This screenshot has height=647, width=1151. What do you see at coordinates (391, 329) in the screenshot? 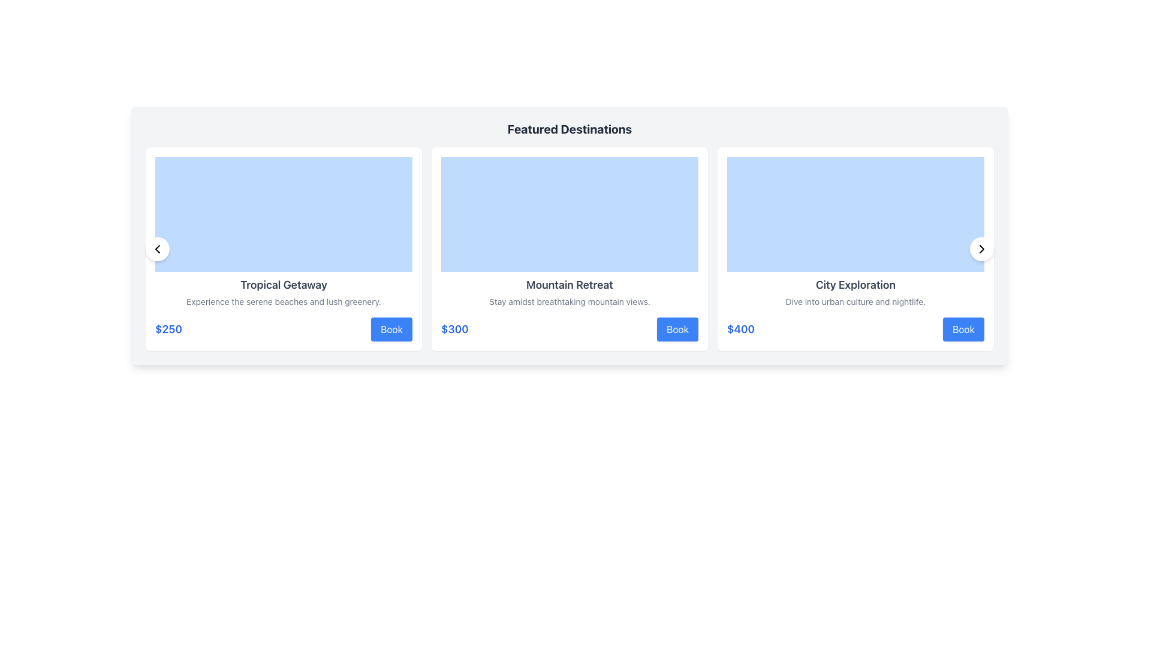
I see `the unique booking button for the 'Tropical Getaway' offer located in the bottom-right corner of the card` at bounding box center [391, 329].